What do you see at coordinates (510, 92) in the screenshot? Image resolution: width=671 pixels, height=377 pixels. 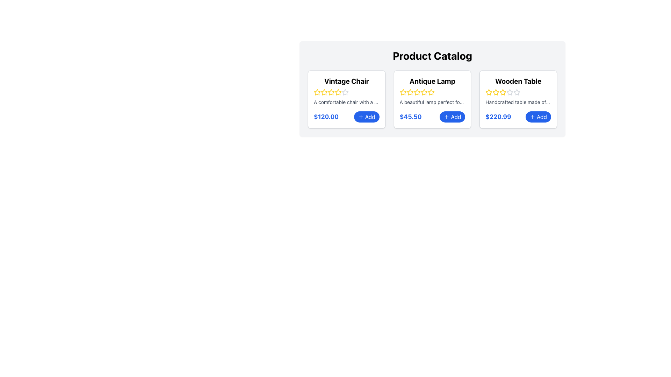 I see `the third star icon in the 5-star rating indicator for the 'Wooden Table' product, which is styled as a disabled or unselected star` at bounding box center [510, 92].